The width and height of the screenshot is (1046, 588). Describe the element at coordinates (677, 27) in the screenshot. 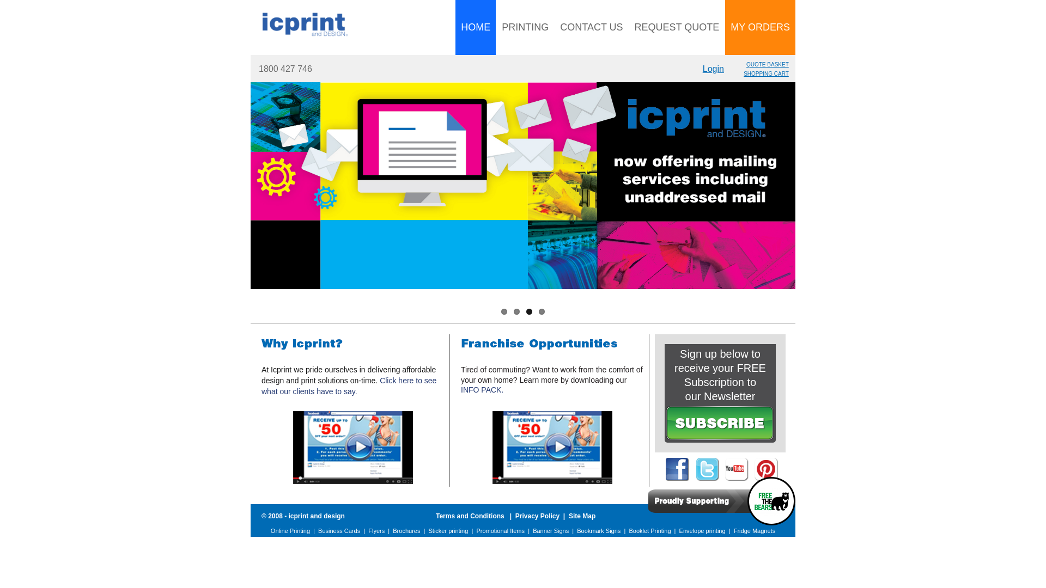

I see `'REQUEST QUOTE'` at that location.